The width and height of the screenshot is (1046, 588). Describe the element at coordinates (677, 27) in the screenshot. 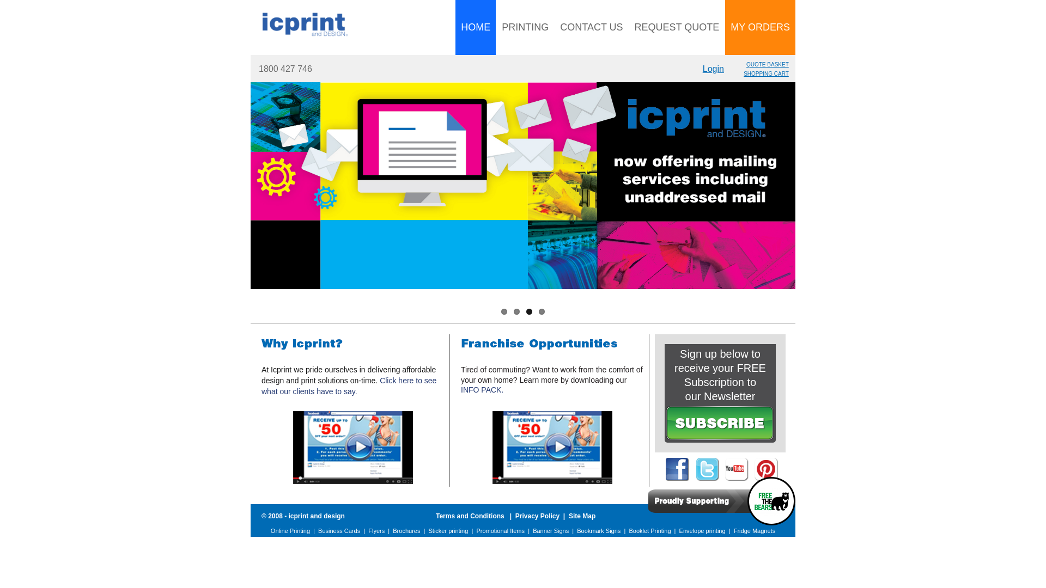

I see `'REQUEST QUOTE'` at that location.